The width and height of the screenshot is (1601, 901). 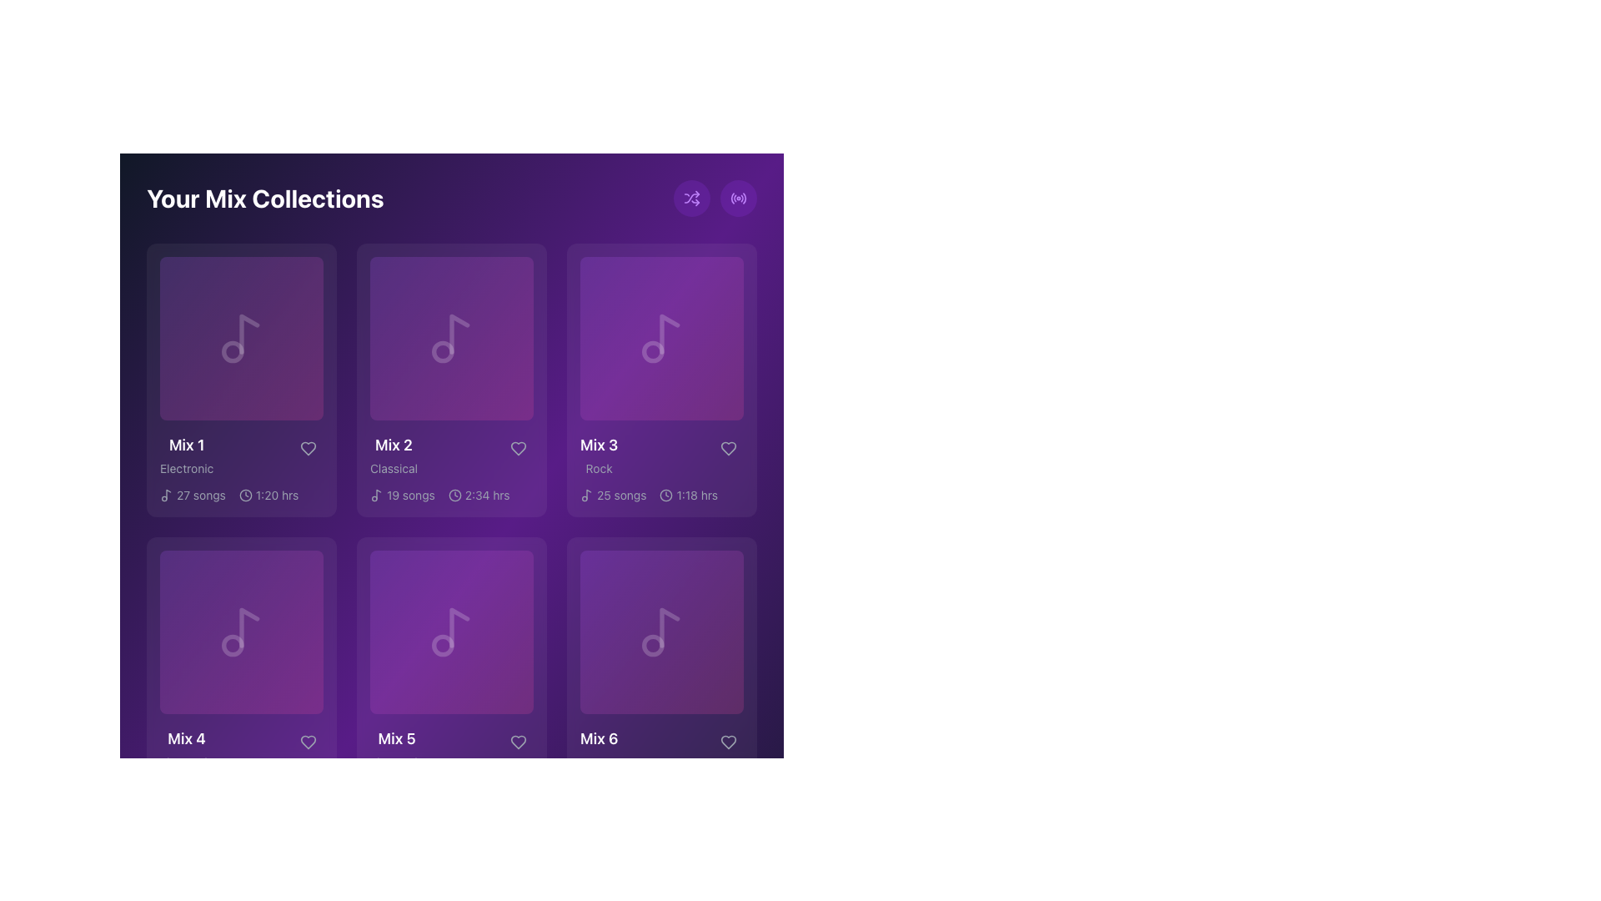 What do you see at coordinates (599, 748) in the screenshot?
I see `the music mix label titled 'Mix 6' with genre 'Jazz' located` at bounding box center [599, 748].